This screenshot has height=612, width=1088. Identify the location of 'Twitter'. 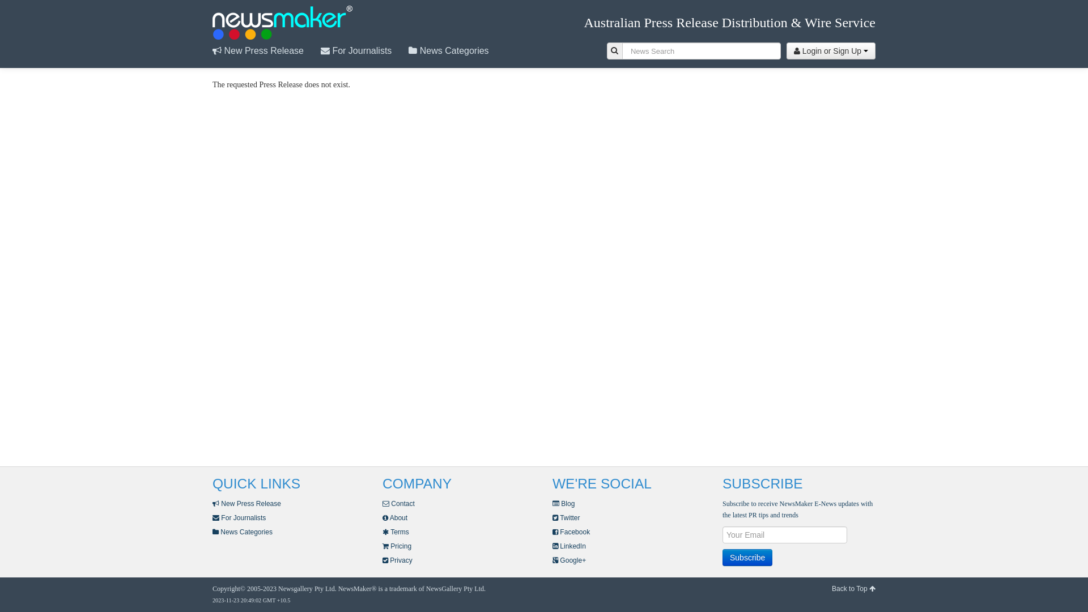
(566, 518).